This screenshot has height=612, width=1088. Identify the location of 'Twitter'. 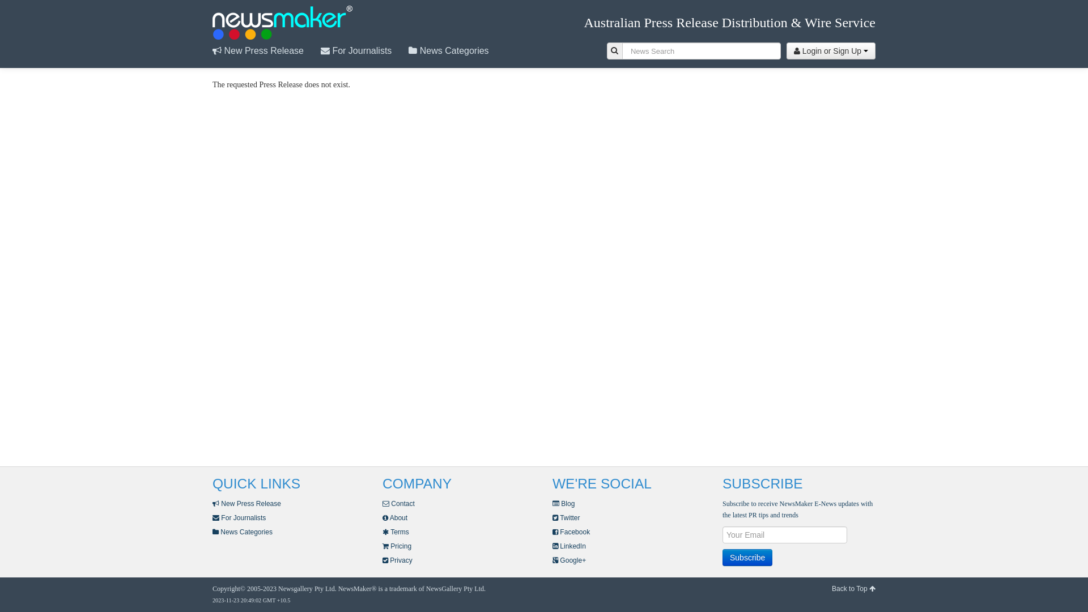
(566, 518).